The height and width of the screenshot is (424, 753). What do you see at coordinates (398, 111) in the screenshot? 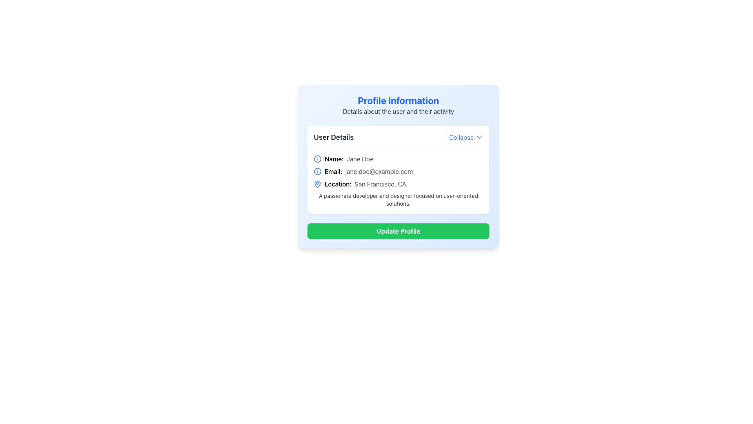
I see `the text element that reads 'Details about the user and their activity', which is positioned below the 'Profile Information' title and above the 'User Details' section` at bounding box center [398, 111].